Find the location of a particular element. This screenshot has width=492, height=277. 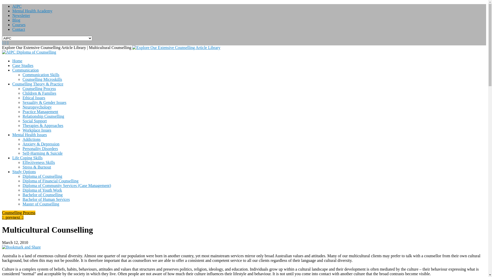

'Stress & Burnout' is located at coordinates (36, 167).